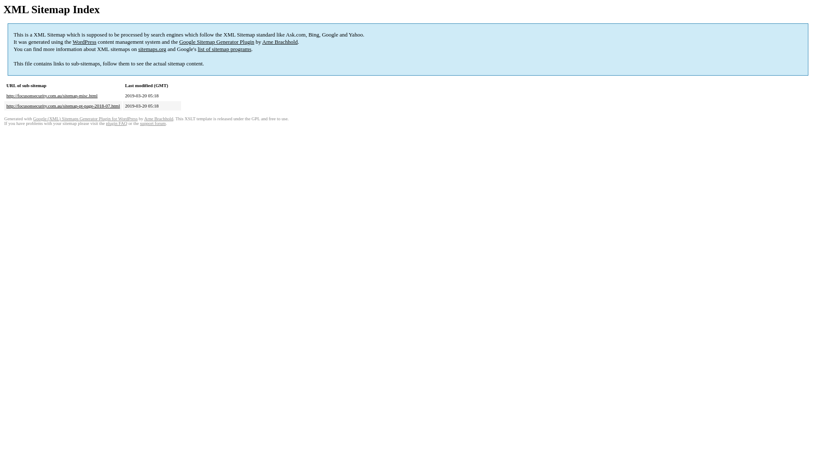 This screenshot has width=816, height=459. Describe the element at coordinates (84, 42) in the screenshot. I see `'WordPress'` at that location.